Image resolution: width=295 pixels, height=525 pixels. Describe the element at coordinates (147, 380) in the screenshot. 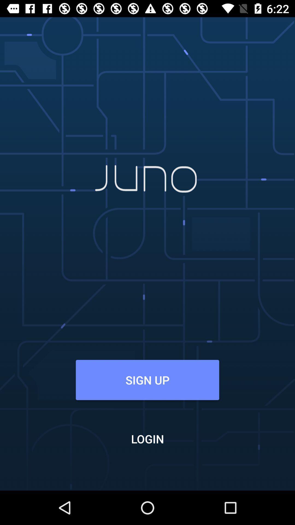

I see `item above the login item` at that location.